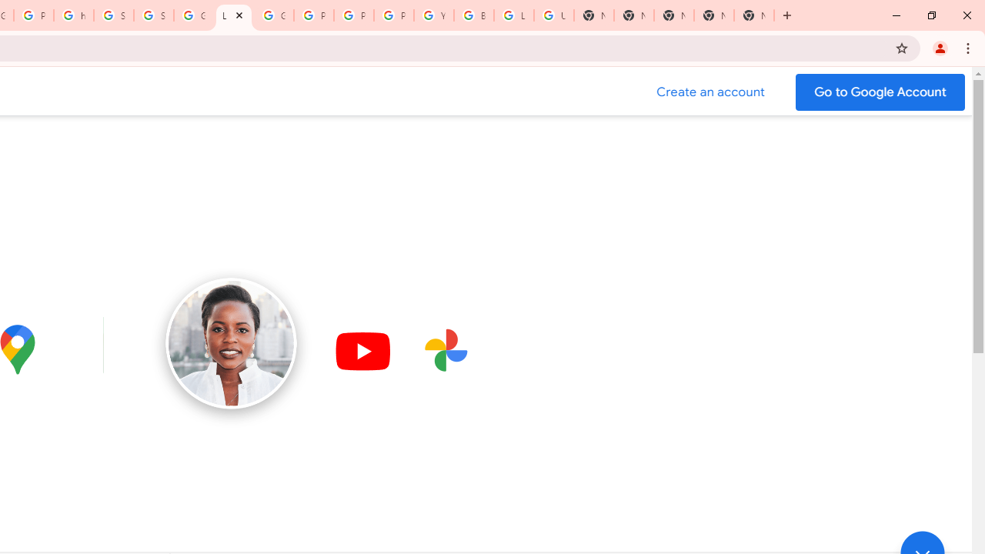 The height and width of the screenshot is (554, 985). I want to click on 'Sign in - Google Accounts', so click(112, 15).